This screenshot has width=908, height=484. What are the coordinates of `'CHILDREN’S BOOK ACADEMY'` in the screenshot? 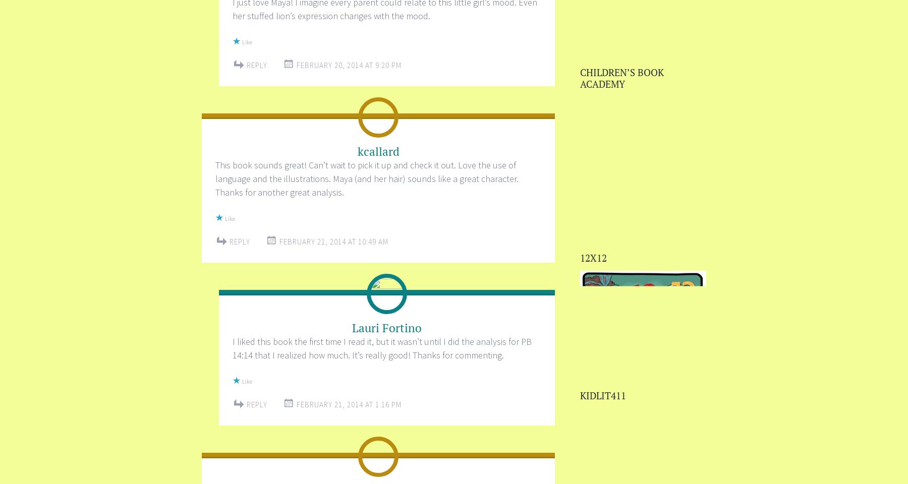 It's located at (621, 77).